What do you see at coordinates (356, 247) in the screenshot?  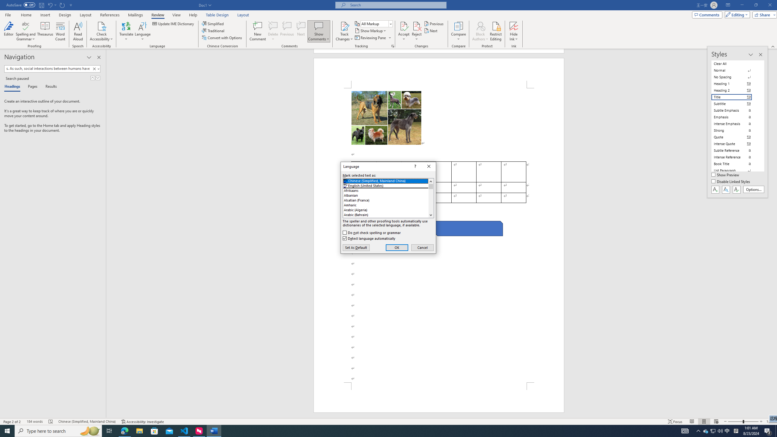 I see `'Set As Default'` at bounding box center [356, 247].